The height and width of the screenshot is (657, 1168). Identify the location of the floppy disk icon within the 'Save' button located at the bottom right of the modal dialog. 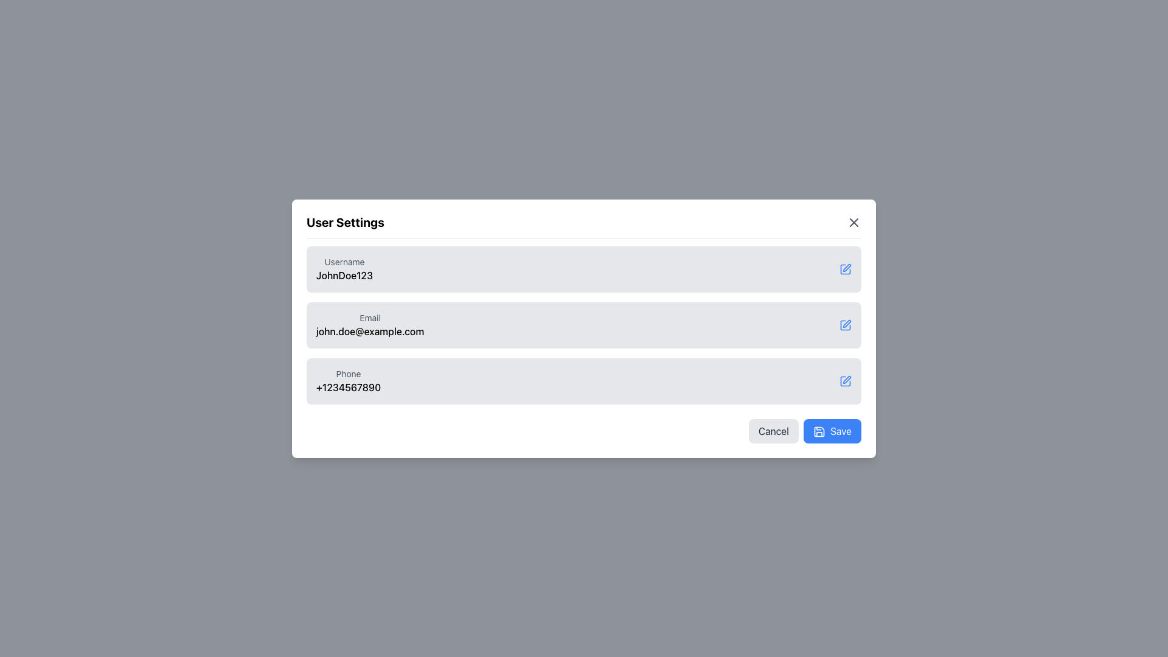
(819, 431).